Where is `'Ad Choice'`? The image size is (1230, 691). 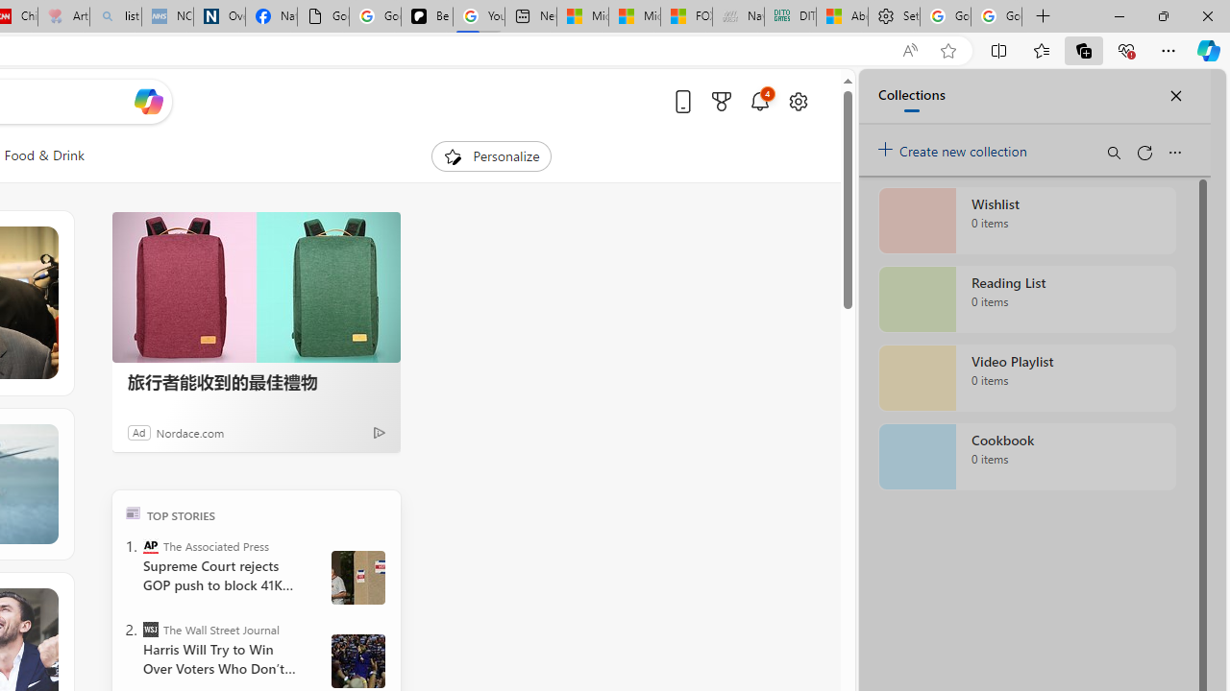 'Ad Choice' is located at coordinates (379, 432).